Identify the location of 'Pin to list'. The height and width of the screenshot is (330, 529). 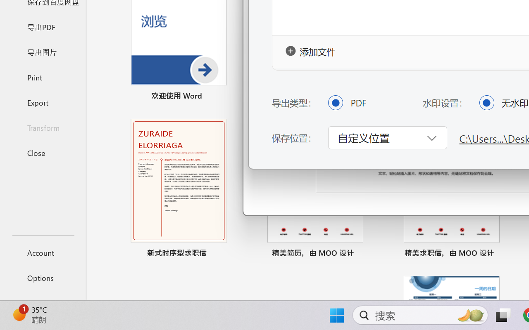
(505, 254).